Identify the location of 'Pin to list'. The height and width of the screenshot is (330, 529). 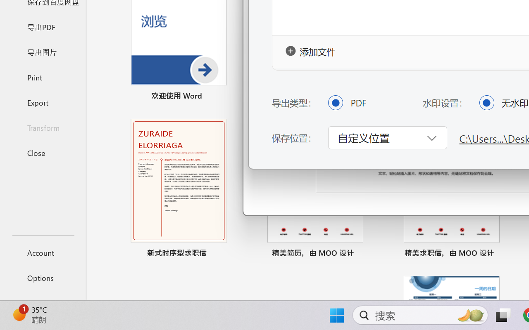
(505, 254).